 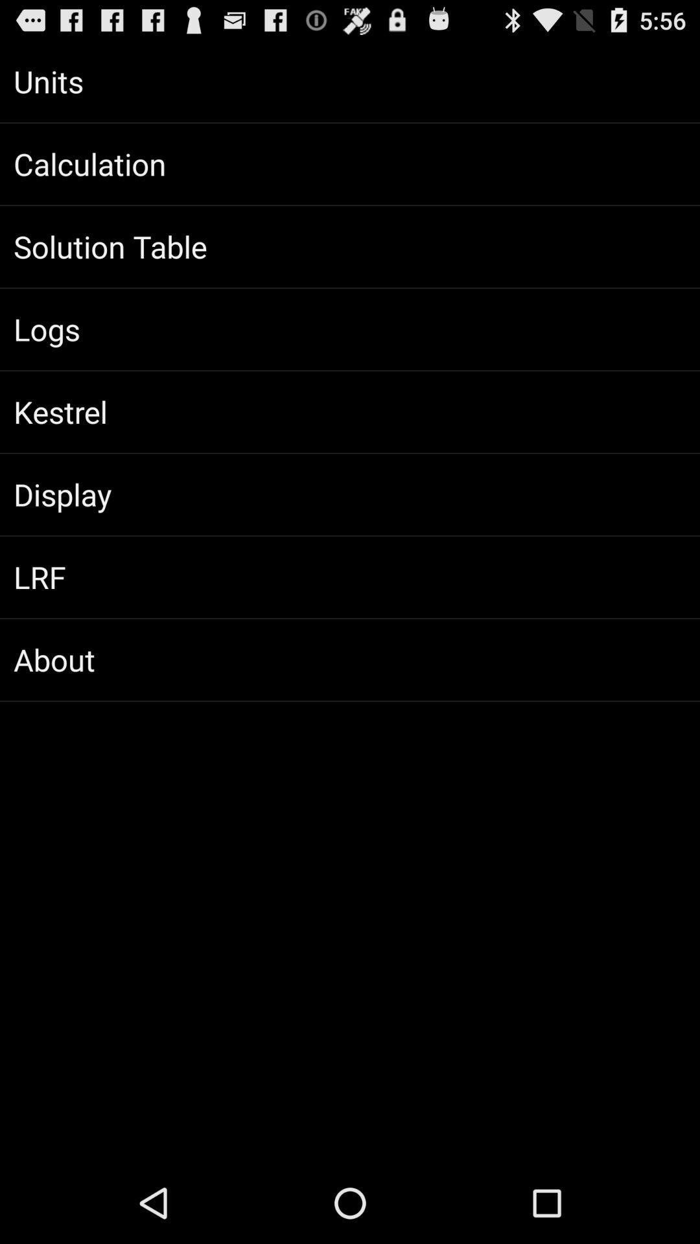 I want to click on solution table icon, so click(x=350, y=246).